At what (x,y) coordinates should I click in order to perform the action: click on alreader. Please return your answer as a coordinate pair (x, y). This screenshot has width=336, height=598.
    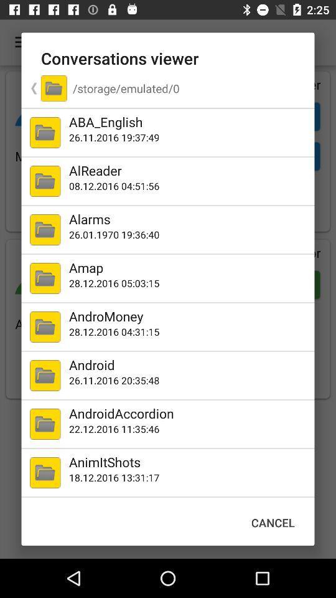
    Looking at the image, I should click on (189, 169).